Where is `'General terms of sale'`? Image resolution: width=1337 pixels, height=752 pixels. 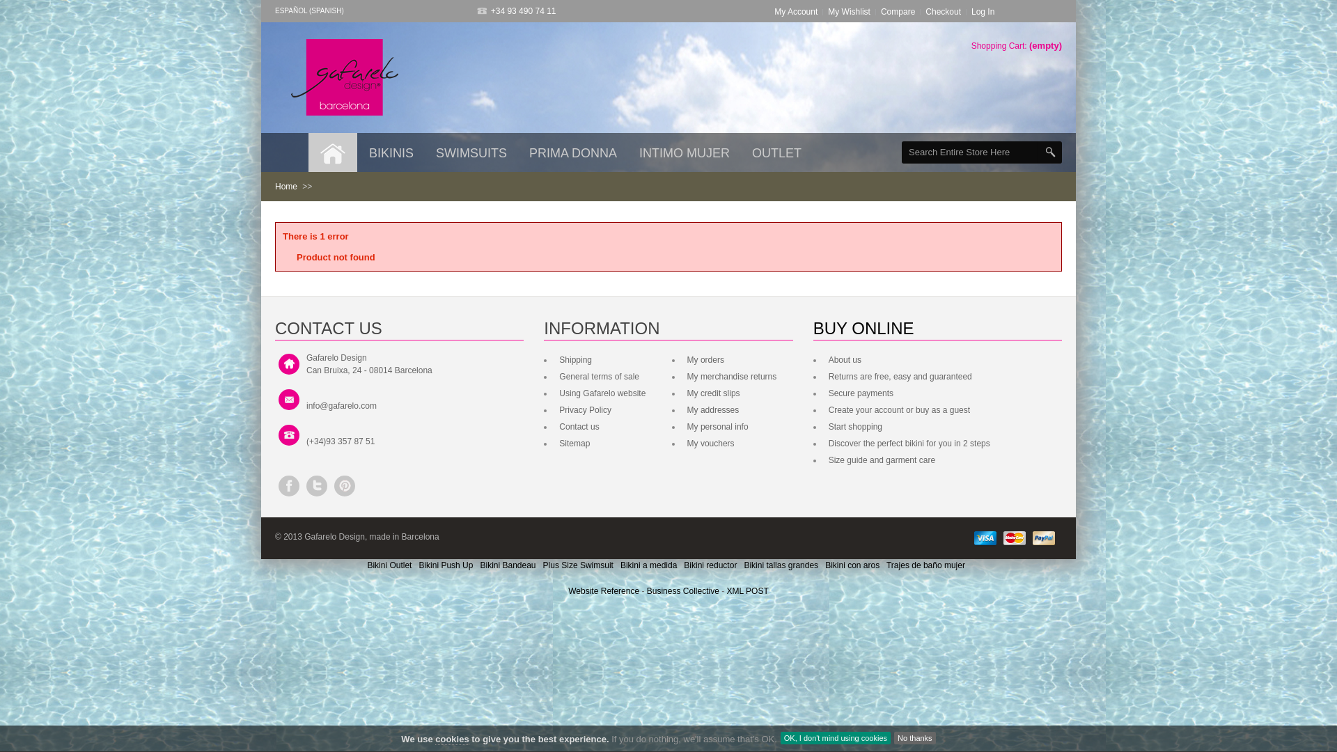 'General terms of sale' is located at coordinates (597, 376).